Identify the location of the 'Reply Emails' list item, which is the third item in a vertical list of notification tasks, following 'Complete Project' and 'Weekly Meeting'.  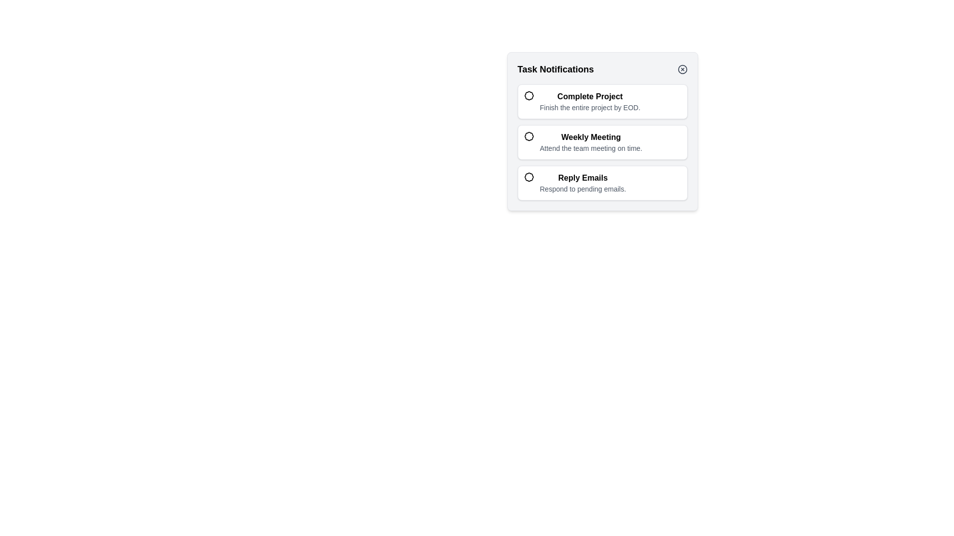
(583, 183).